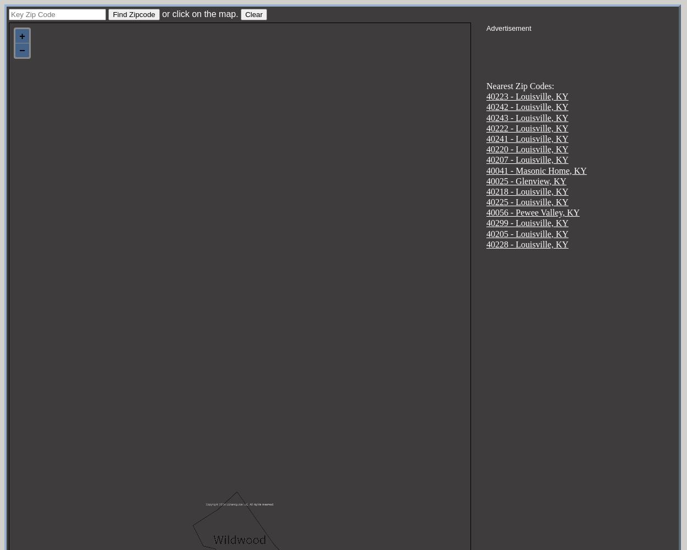  I want to click on '40041 - Masonic Home, KY', so click(536, 170).